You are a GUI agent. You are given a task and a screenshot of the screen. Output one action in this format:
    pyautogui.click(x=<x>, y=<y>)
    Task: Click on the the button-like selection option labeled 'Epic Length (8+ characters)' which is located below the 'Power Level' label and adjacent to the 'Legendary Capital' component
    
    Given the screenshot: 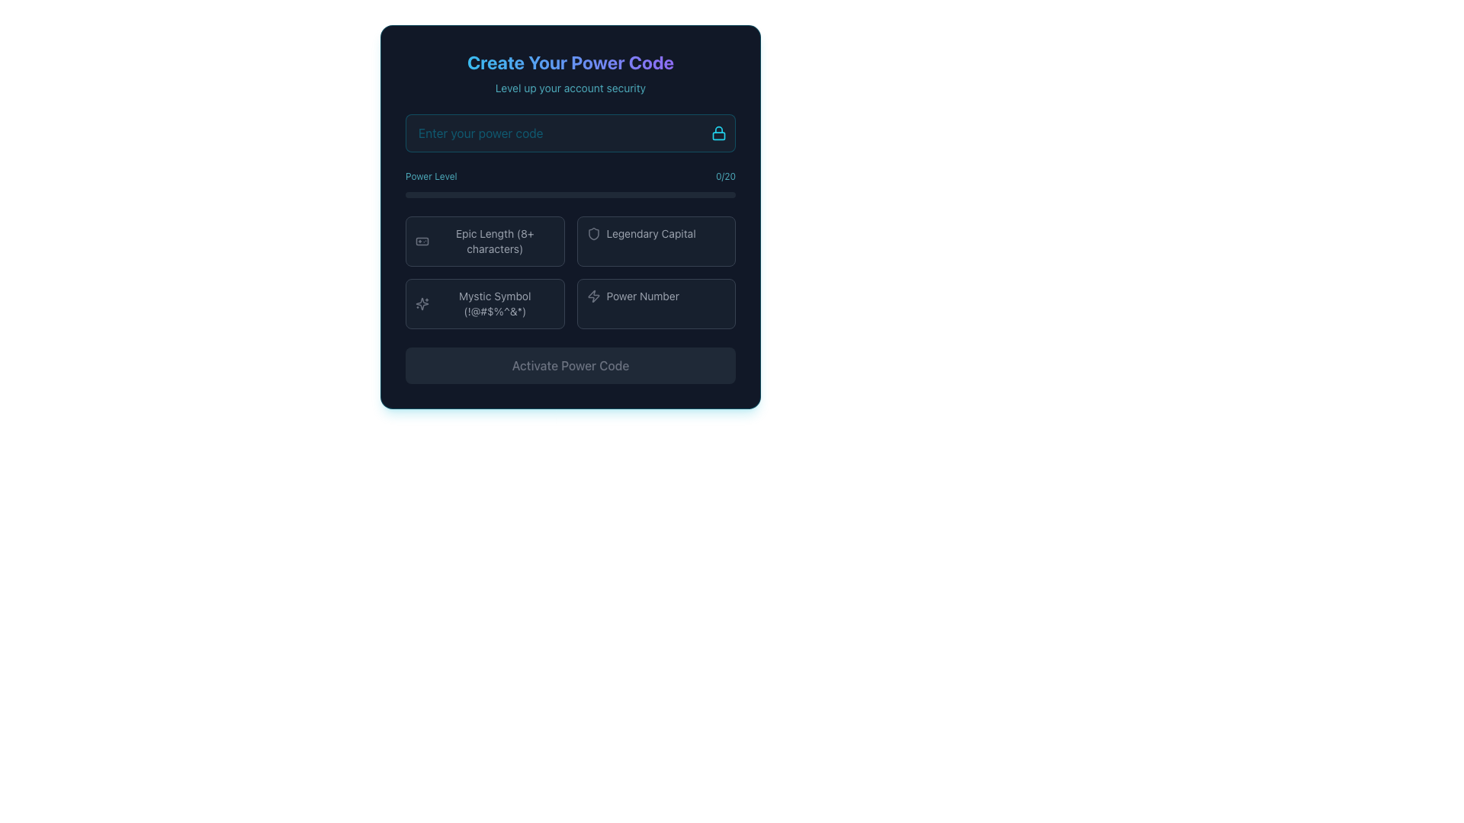 What is the action you would take?
    pyautogui.click(x=484, y=240)
    